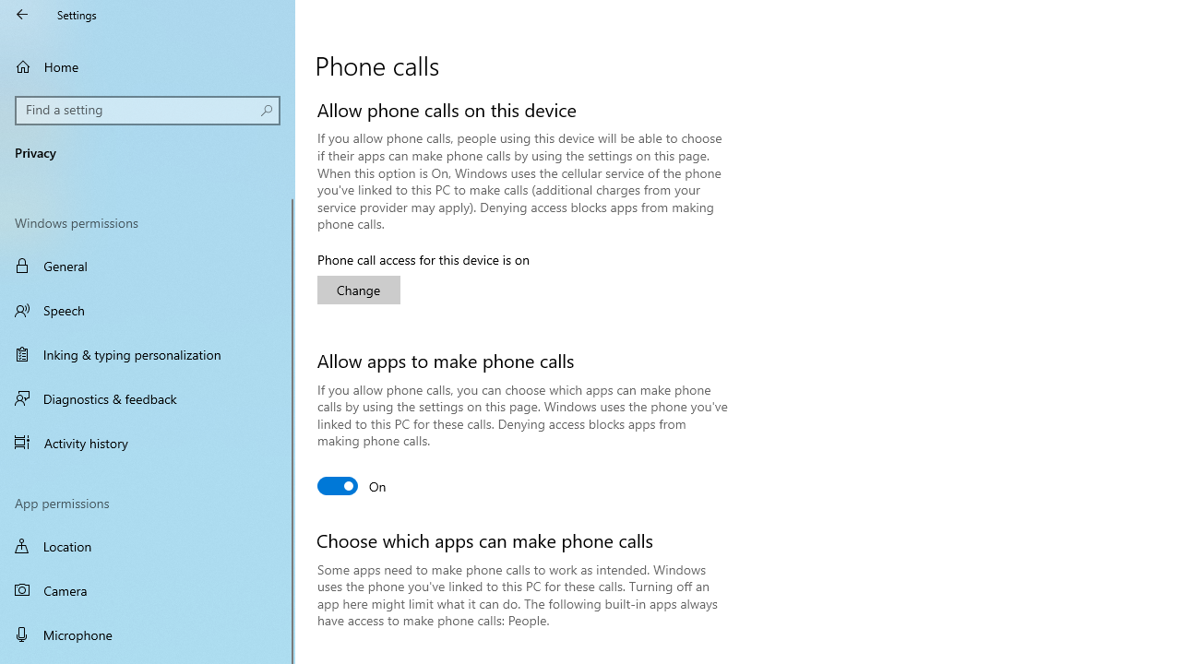 The width and height of the screenshot is (1181, 664). I want to click on 'Home', so click(148, 65).